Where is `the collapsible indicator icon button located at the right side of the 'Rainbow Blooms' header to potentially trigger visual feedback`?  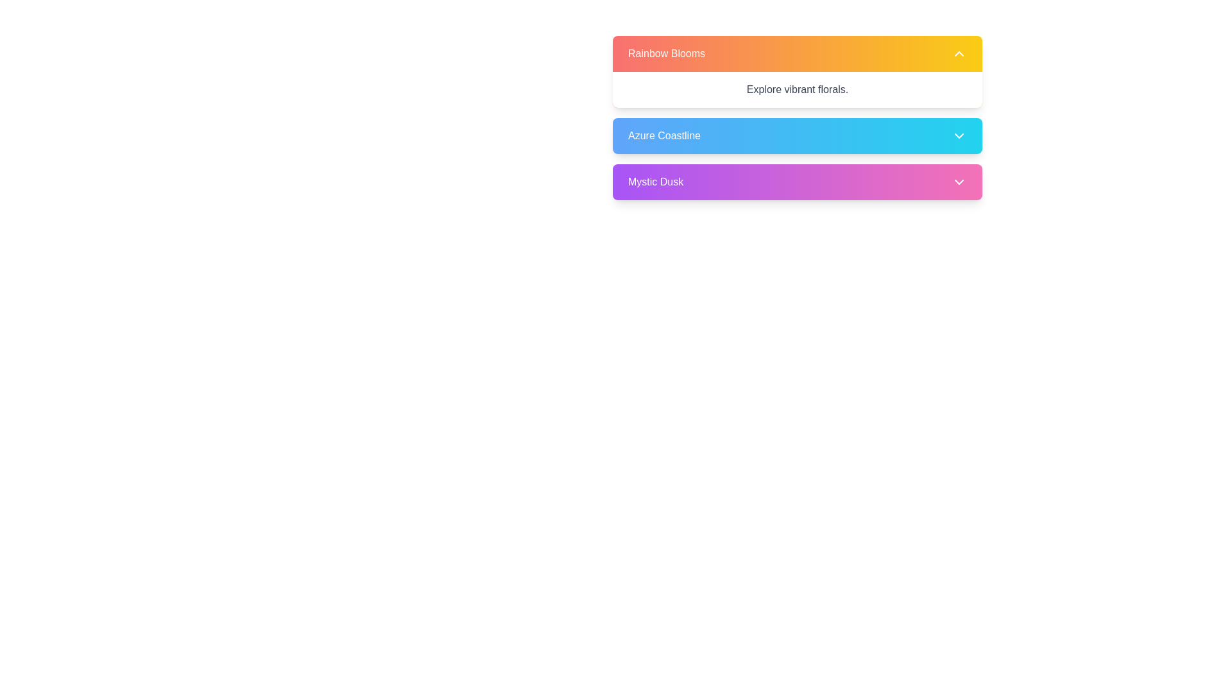 the collapsible indicator icon button located at the right side of the 'Rainbow Blooms' header to potentially trigger visual feedback is located at coordinates (959, 53).